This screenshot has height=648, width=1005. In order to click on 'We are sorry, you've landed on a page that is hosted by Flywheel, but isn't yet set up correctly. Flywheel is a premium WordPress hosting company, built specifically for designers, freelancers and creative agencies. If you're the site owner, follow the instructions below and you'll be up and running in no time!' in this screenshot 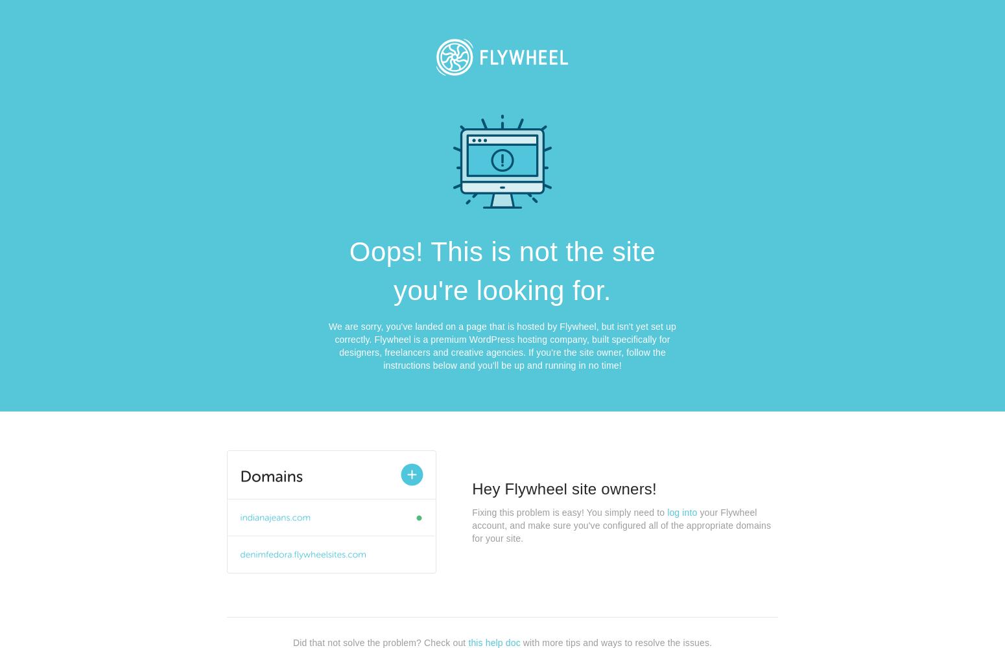, I will do `click(502, 346)`.